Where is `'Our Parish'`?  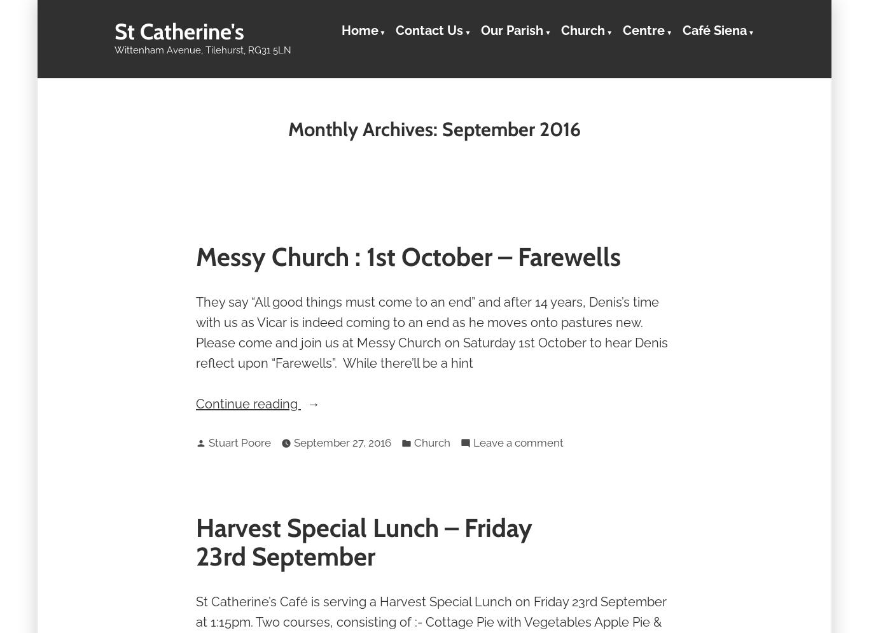
'Our Parish' is located at coordinates (511, 29).